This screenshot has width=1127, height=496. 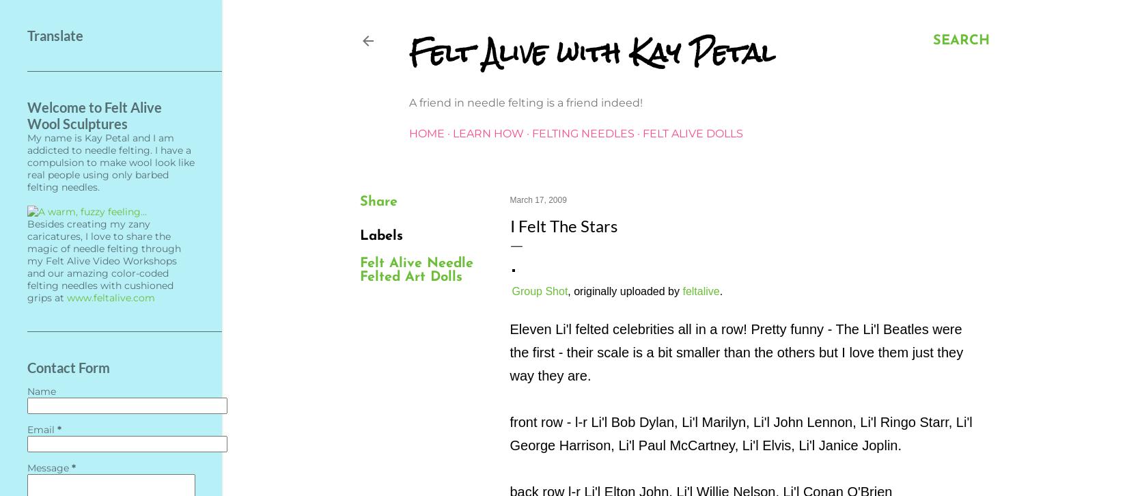 I want to click on ', originally uploaded by', so click(x=624, y=291).